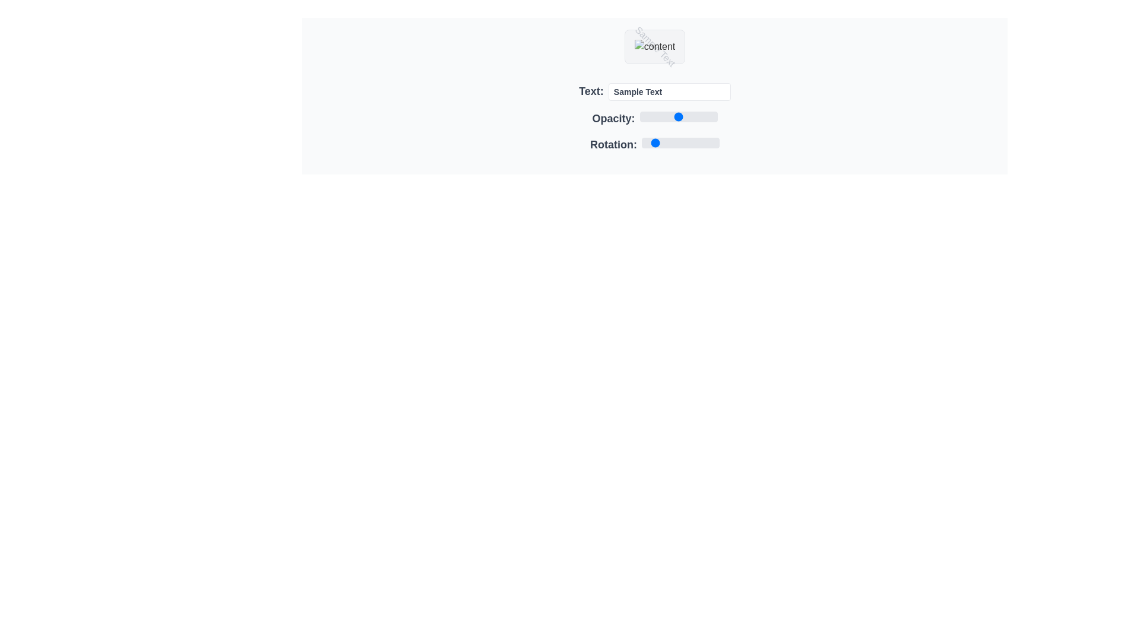  I want to click on rotation, so click(712, 142).